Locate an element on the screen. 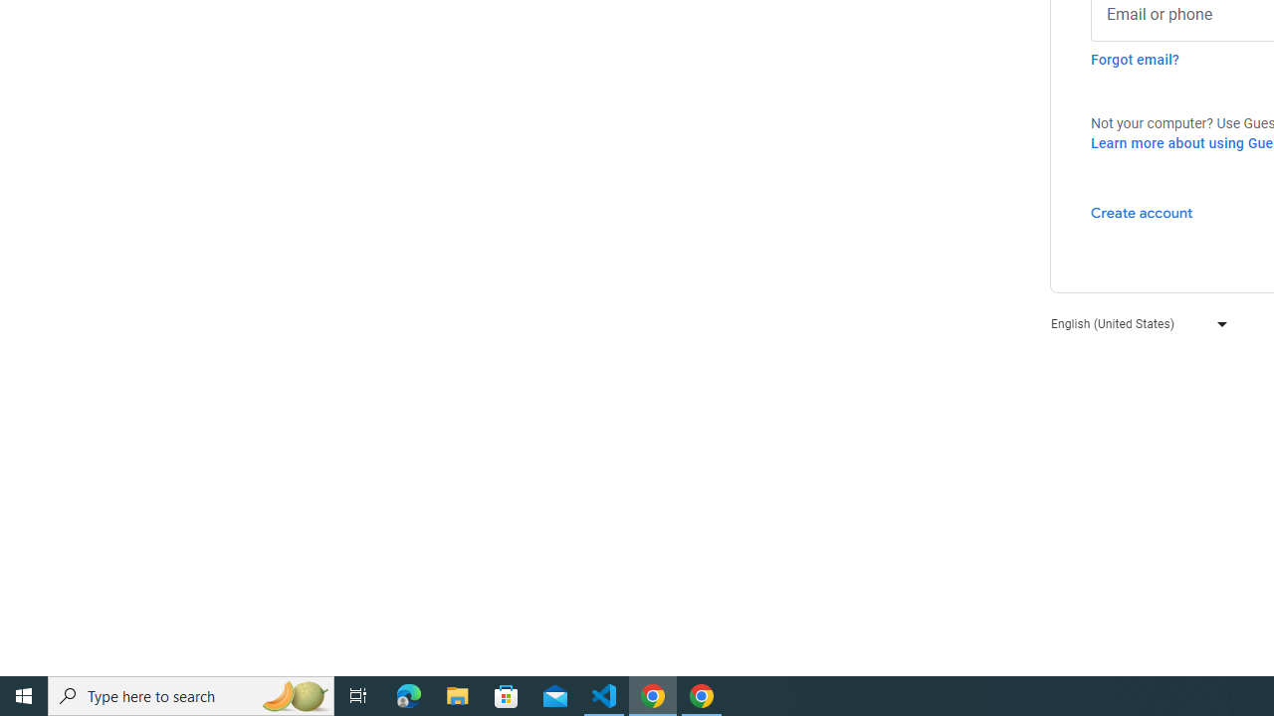 The width and height of the screenshot is (1274, 716). 'Create account' is located at coordinates (1141, 212).